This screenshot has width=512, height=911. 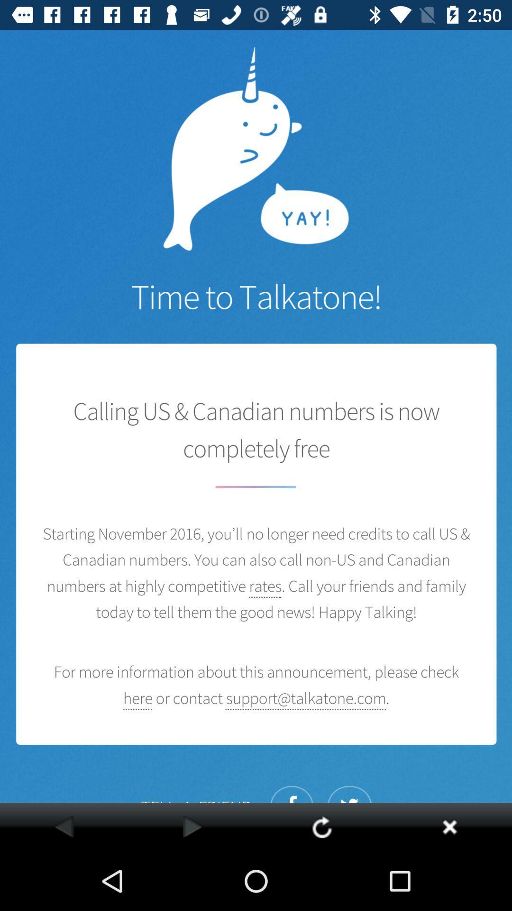 I want to click on put the wrong option, so click(x=449, y=826).